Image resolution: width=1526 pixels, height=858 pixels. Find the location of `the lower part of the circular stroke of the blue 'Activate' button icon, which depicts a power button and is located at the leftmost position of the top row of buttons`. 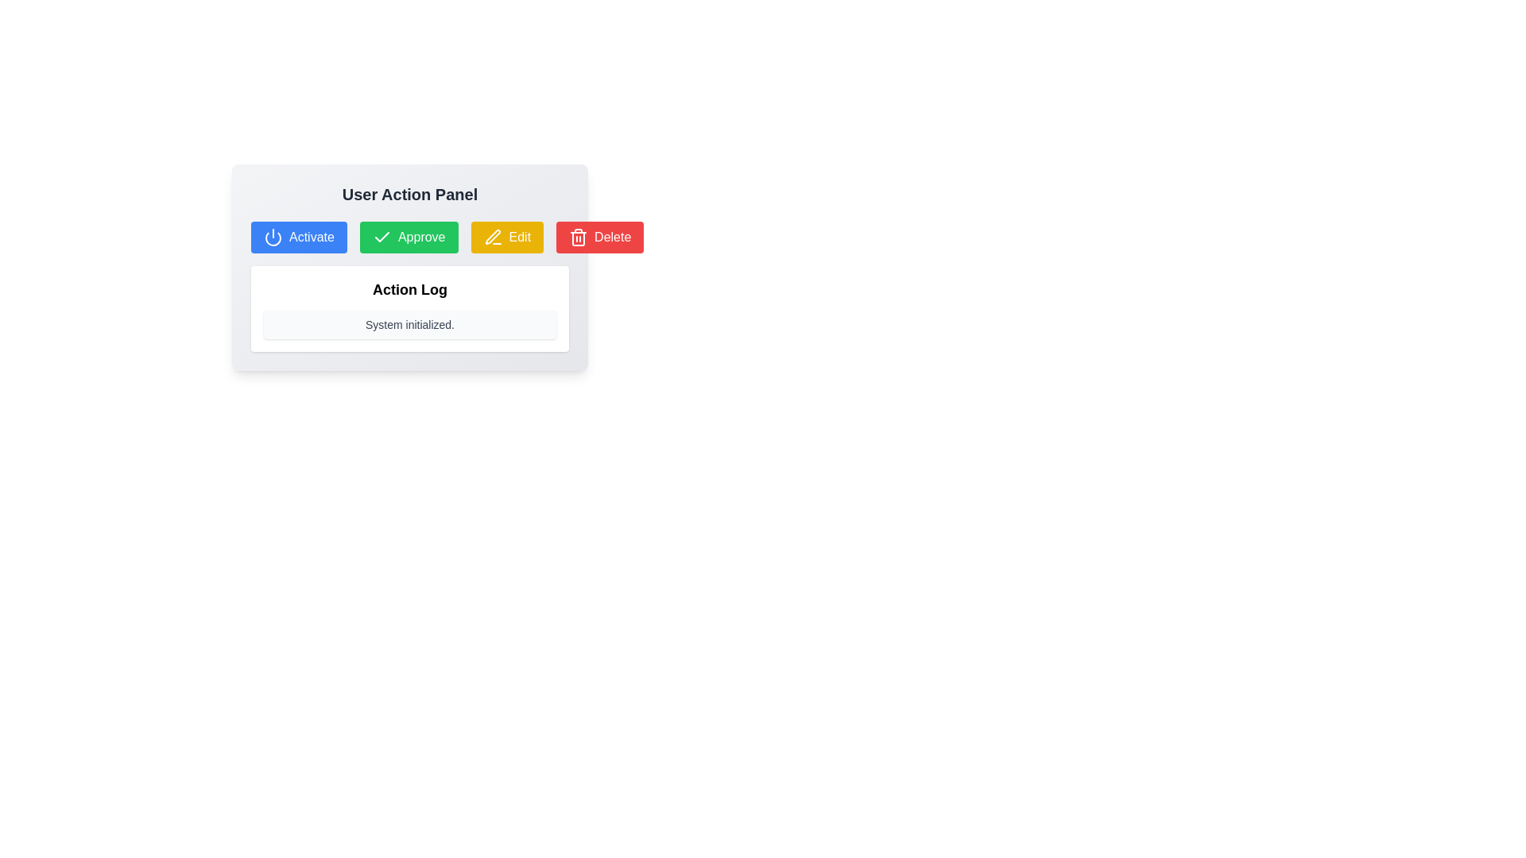

the lower part of the circular stroke of the blue 'Activate' button icon, which depicts a power button and is located at the leftmost position of the top row of buttons is located at coordinates (273, 239).